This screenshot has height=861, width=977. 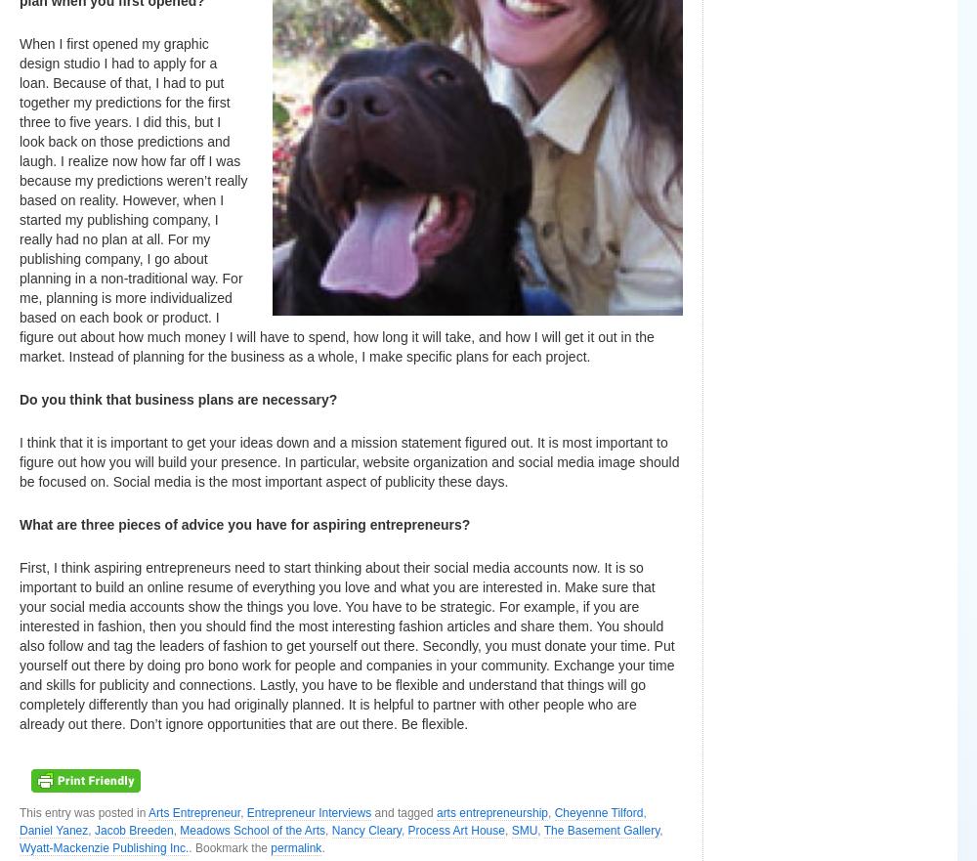 What do you see at coordinates (244, 524) in the screenshot?
I see `'What are three pieces of advice you have for aspiring entrepreneurs?'` at bounding box center [244, 524].